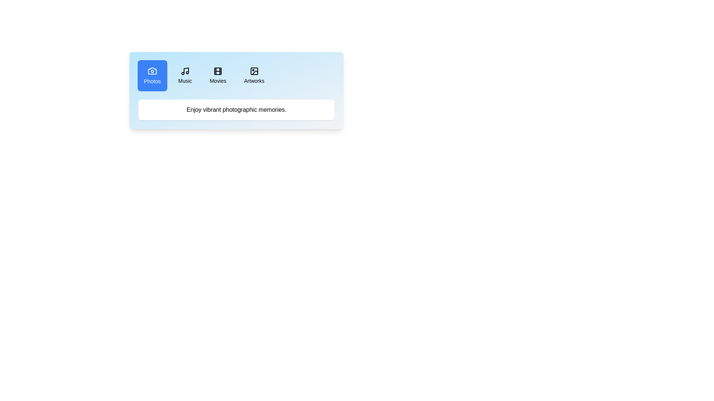  What do you see at coordinates (254, 76) in the screenshot?
I see `the tab button corresponding to Artworks` at bounding box center [254, 76].